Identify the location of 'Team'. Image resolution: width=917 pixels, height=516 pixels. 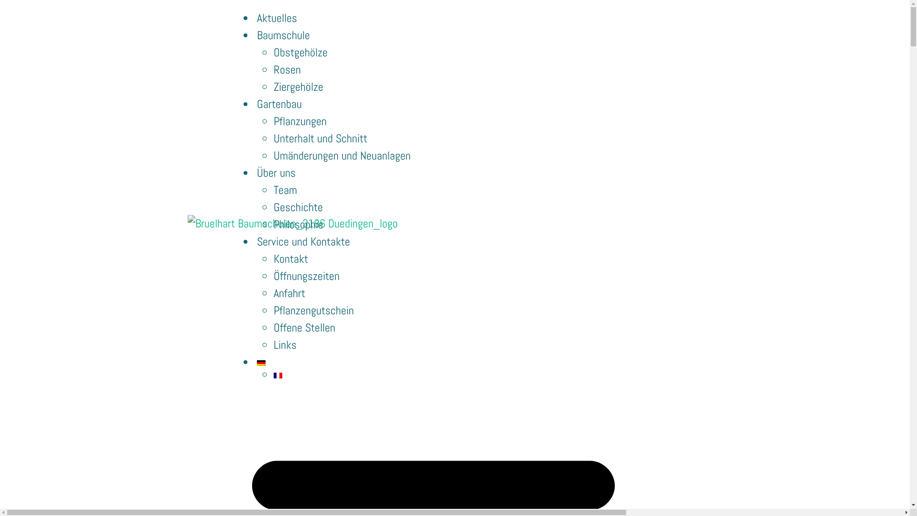
(285, 190).